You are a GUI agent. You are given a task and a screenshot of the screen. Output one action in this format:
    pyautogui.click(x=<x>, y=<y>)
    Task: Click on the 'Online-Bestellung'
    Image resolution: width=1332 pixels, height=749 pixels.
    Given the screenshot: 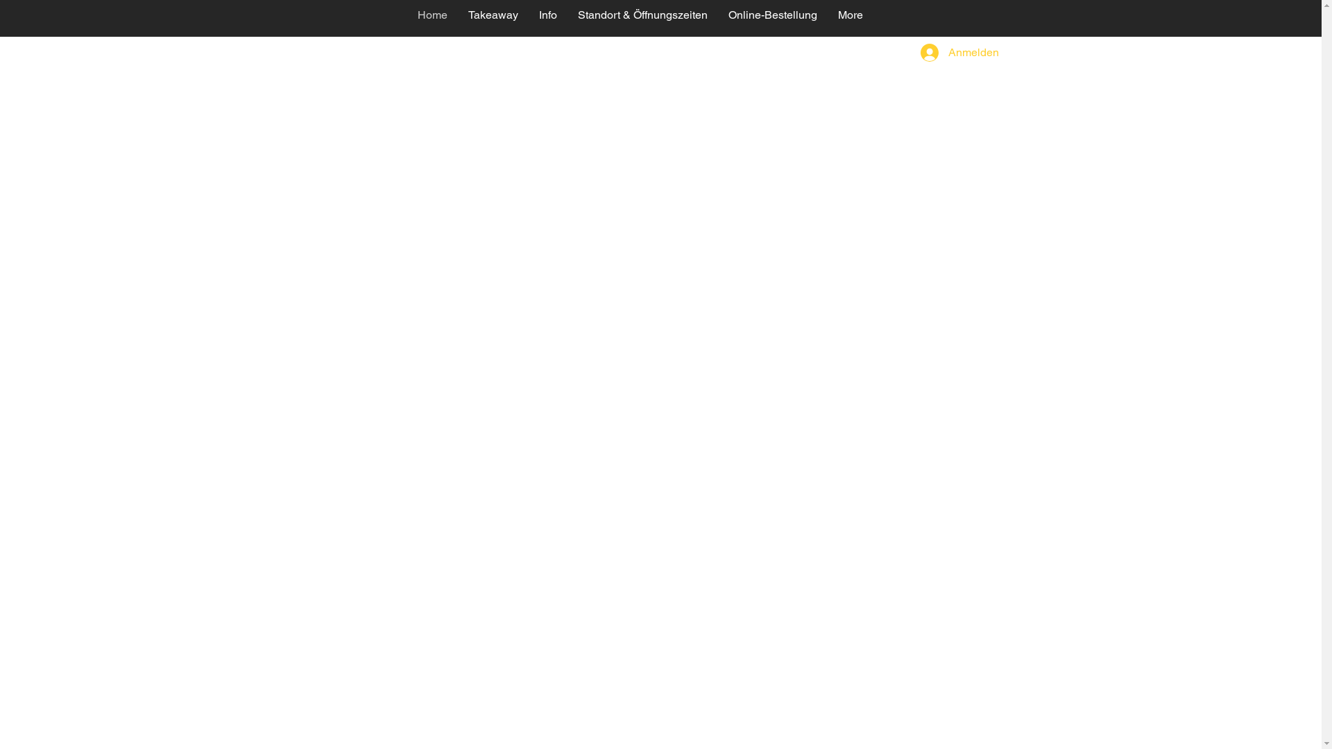 What is the action you would take?
    pyautogui.click(x=771, y=17)
    